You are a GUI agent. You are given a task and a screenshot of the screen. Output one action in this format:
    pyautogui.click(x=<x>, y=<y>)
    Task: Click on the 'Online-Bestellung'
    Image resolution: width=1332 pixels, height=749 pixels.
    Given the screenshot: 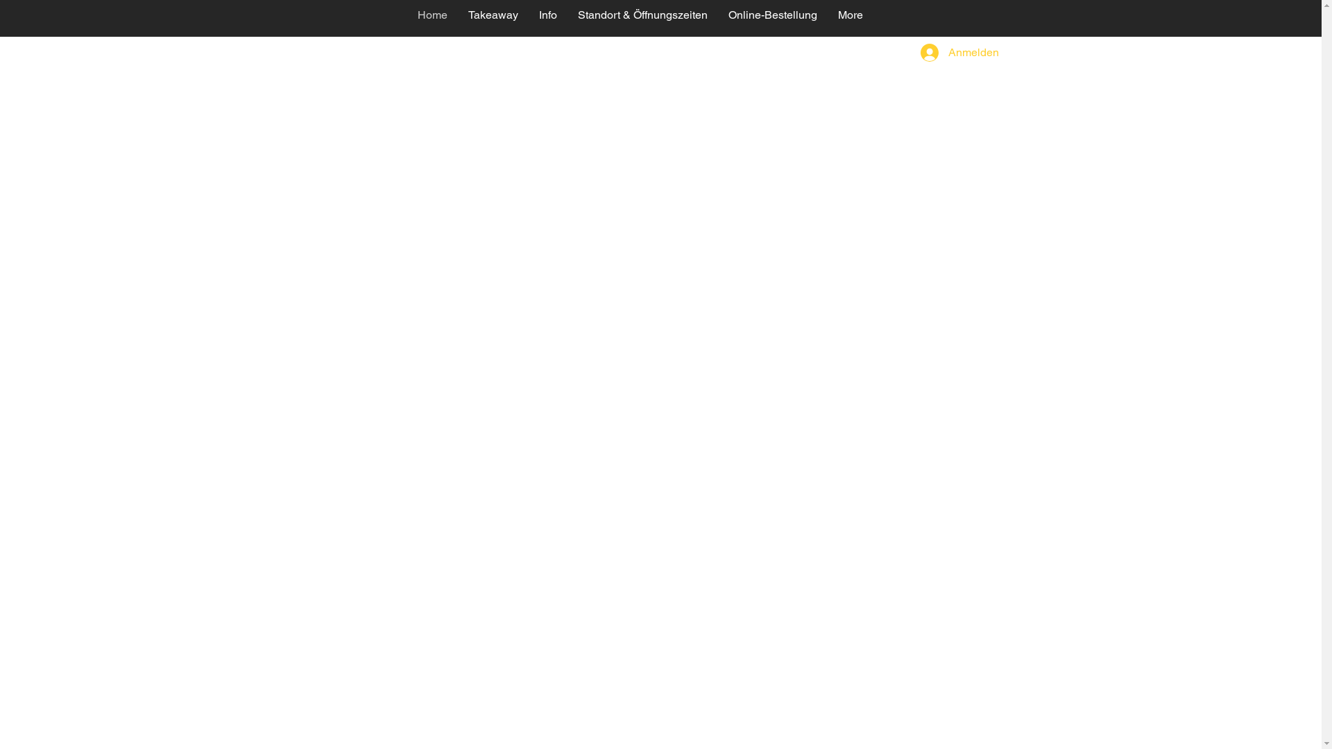 What is the action you would take?
    pyautogui.click(x=771, y=17)
    